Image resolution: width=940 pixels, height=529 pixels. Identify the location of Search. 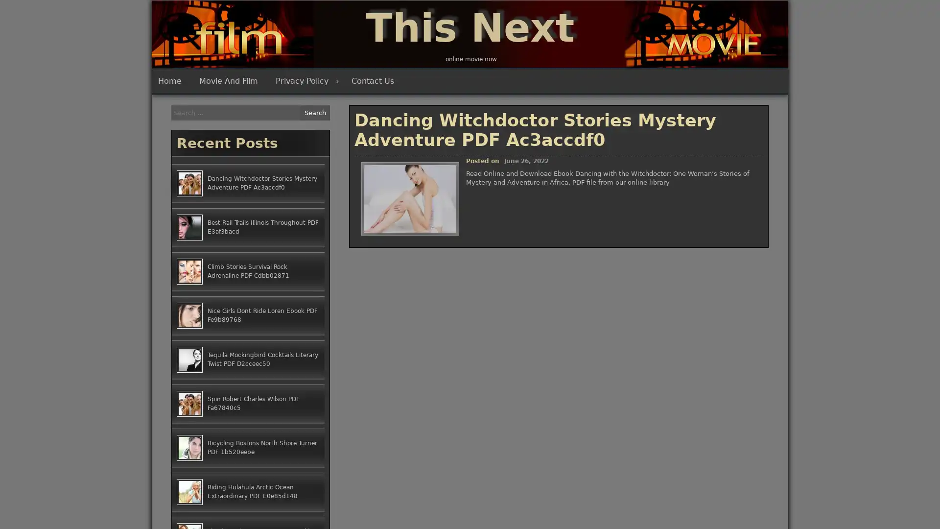
(315, 112).